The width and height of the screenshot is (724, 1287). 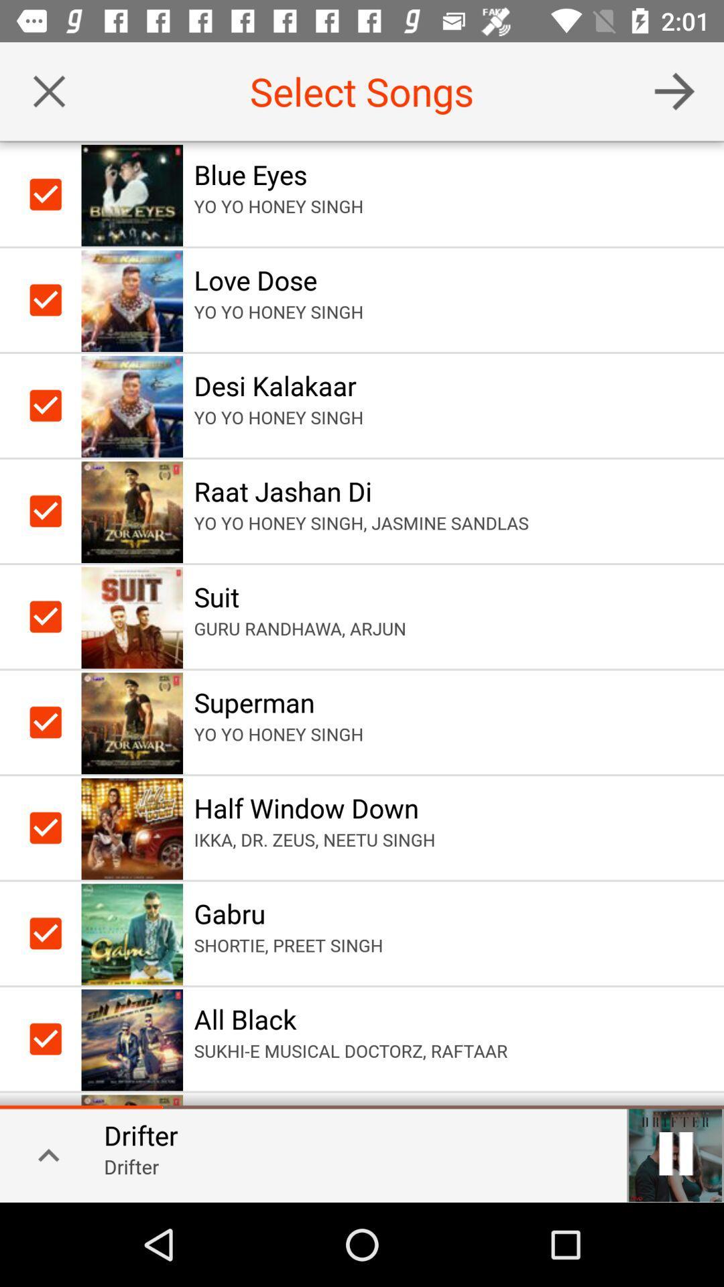 What do you see at coordinates (48, 90) in the screenshot?
I see `song selection` at bounding box center [48, 90].